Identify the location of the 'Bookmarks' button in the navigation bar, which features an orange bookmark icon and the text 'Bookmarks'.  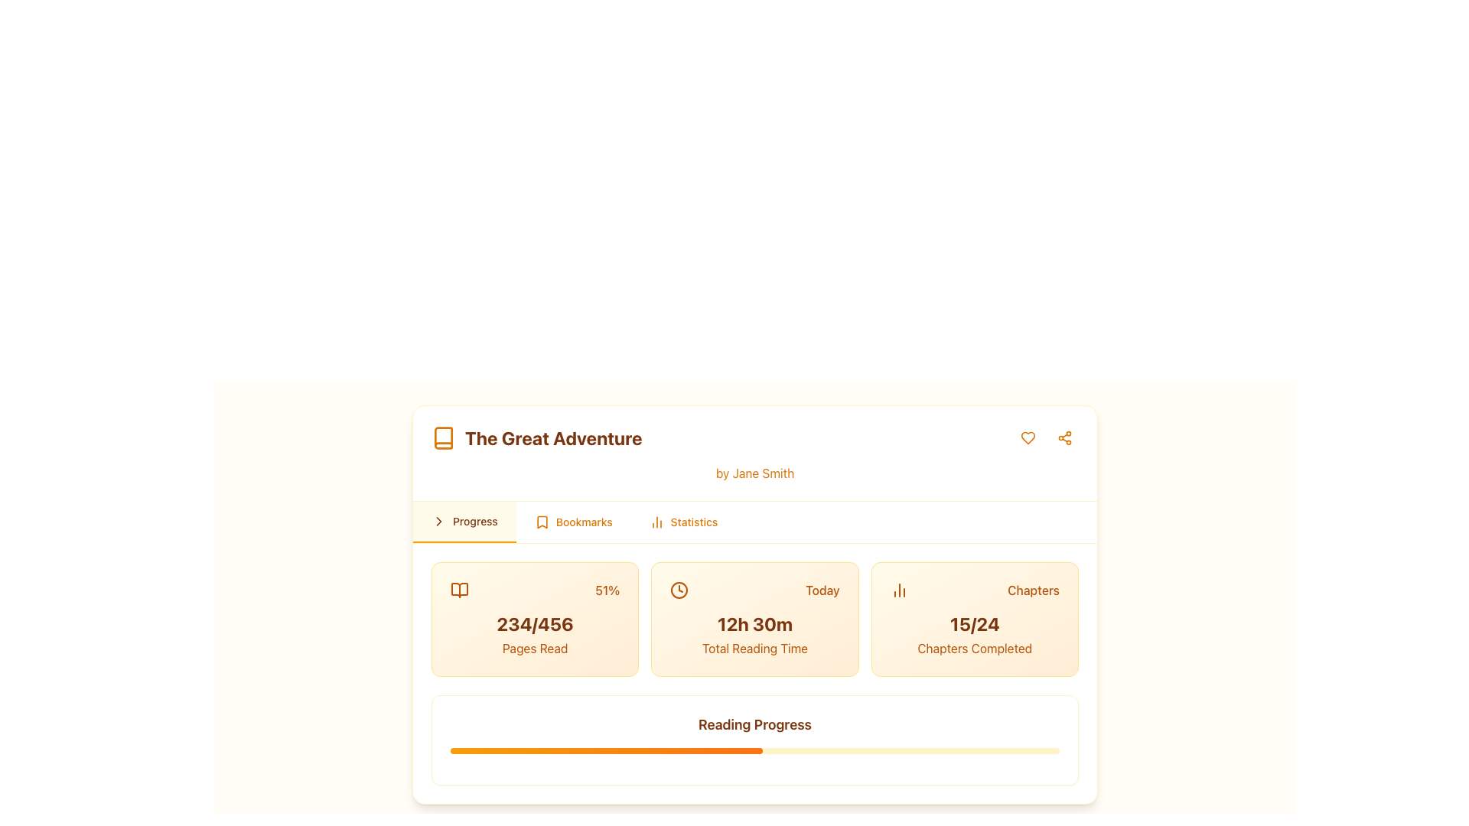
(572, 521).